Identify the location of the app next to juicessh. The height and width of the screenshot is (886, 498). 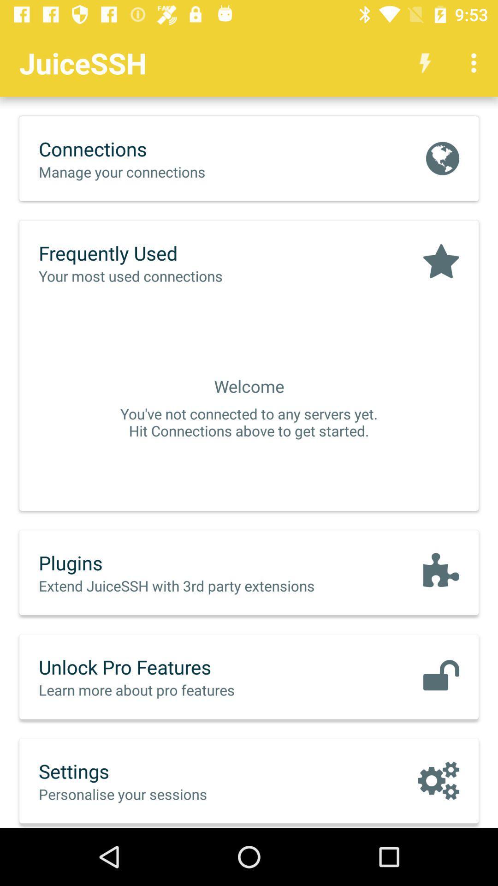
(425, 62).